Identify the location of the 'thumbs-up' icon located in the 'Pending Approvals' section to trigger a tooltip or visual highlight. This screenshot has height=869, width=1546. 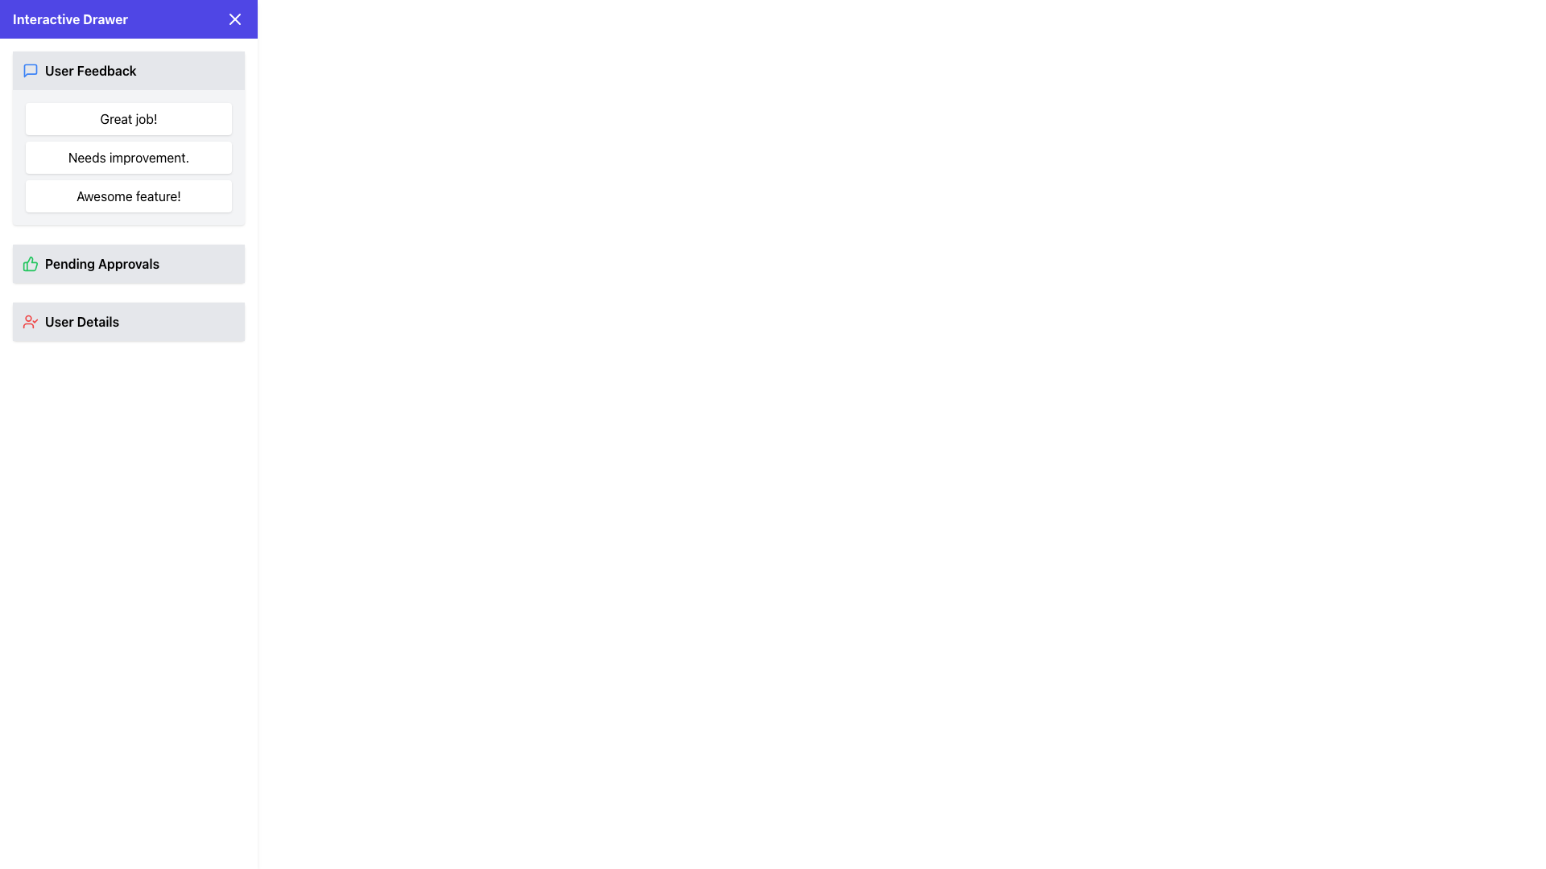
(31, 262).